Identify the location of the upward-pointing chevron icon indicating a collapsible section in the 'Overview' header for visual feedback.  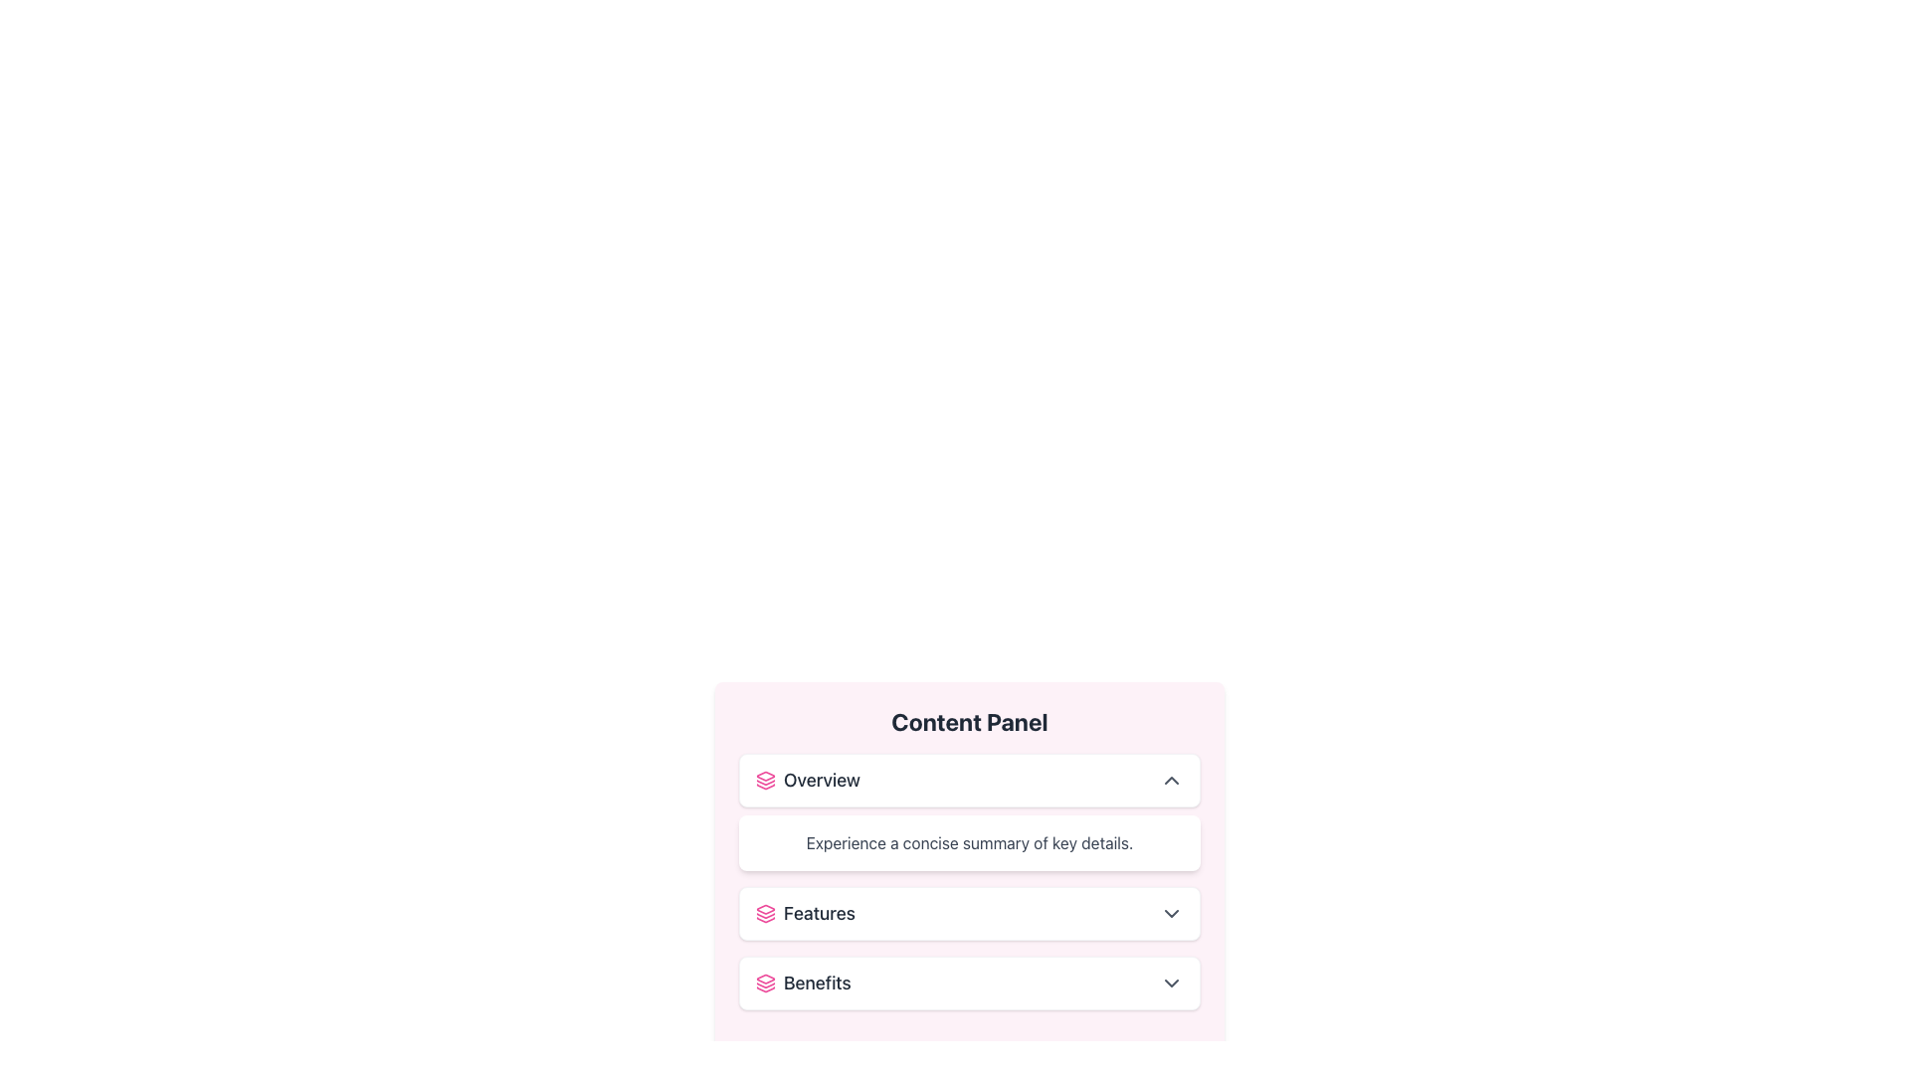
(1171, 780).